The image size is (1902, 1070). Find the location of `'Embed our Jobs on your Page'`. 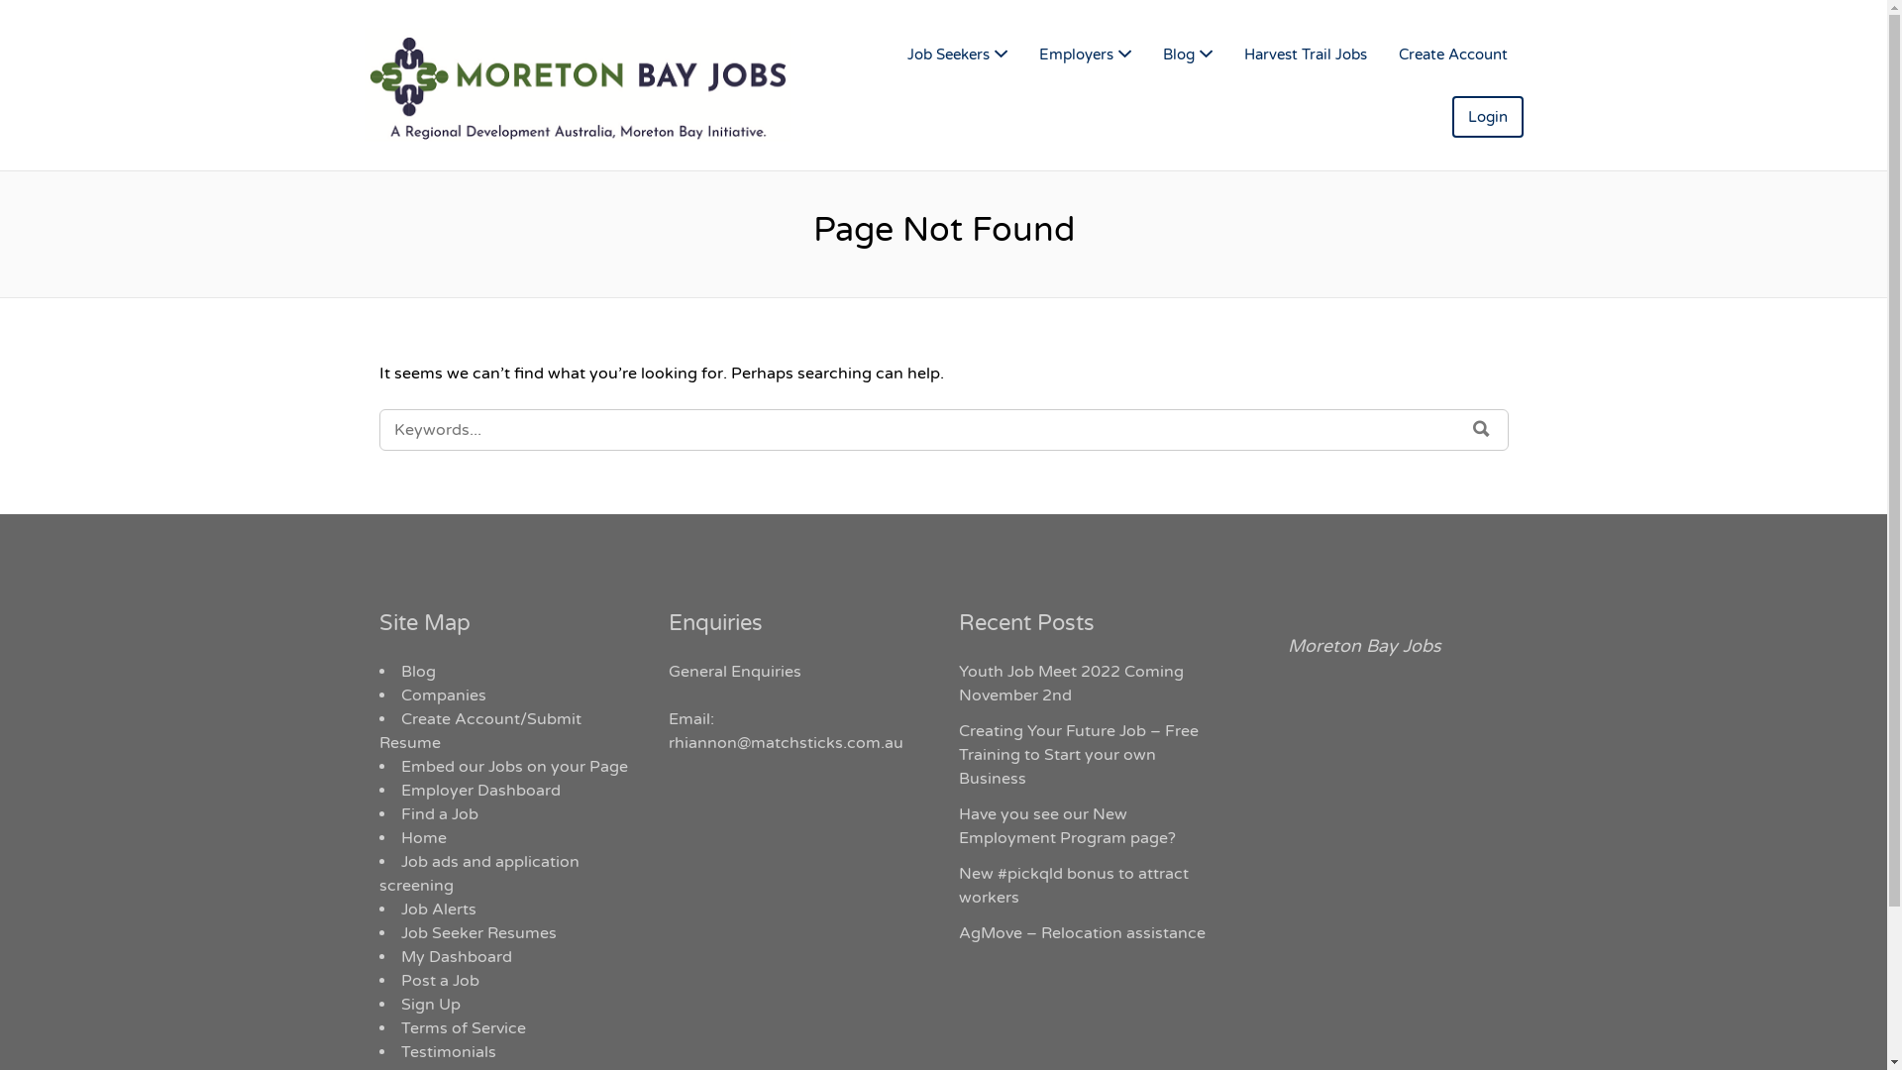

'Embed our Jobs on your Page' is located at coordinates (398, 766).